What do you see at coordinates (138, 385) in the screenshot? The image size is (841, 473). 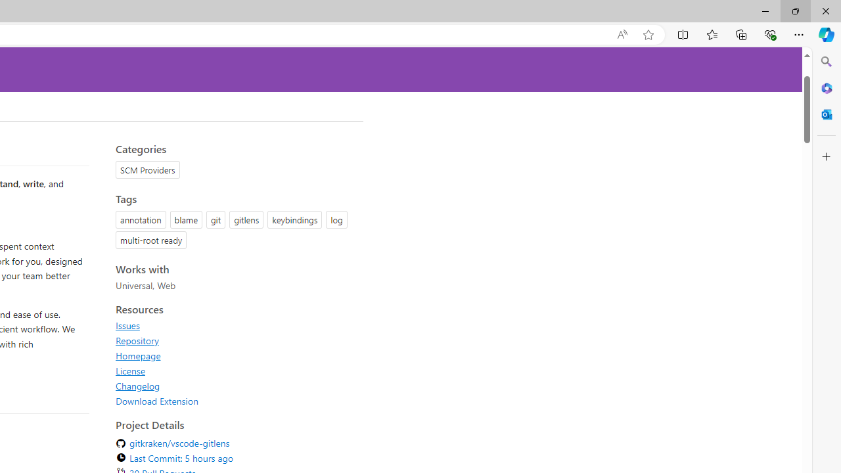 I see `'Changelog'` at bounding box center [138, 385].